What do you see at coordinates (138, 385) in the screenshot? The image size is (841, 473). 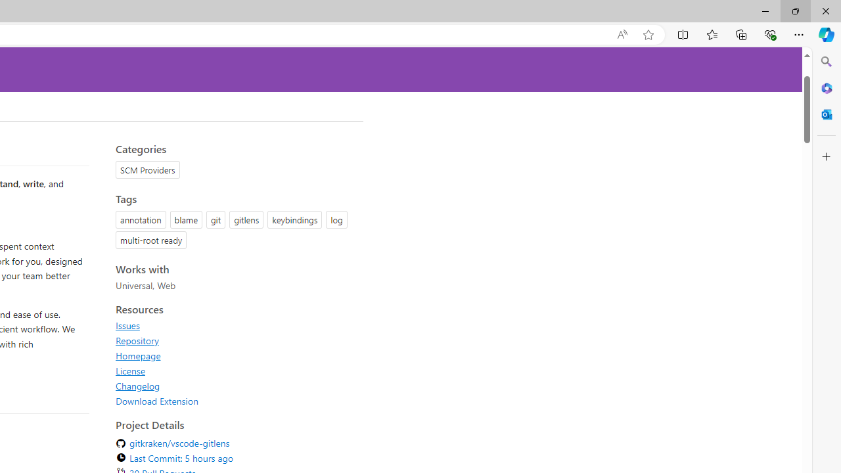 I see `'Changelog'` at bounding box center [138, 385].